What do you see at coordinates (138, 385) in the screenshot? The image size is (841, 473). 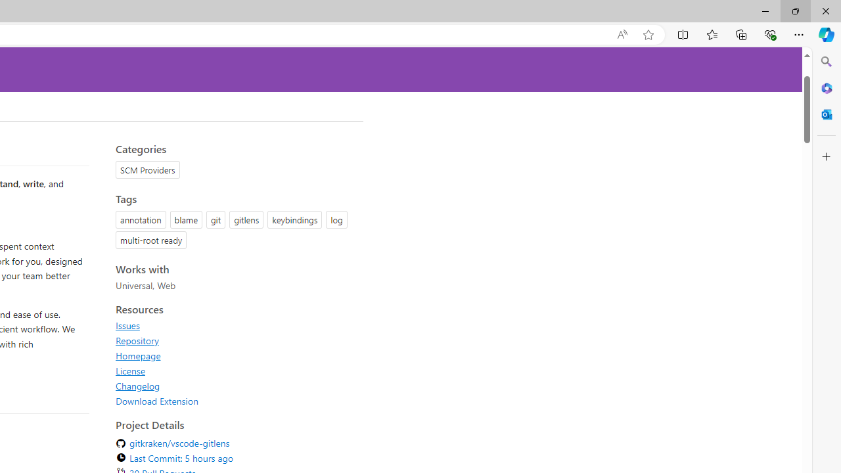 I see `'Changelog'` at bounding box center [138, 385].